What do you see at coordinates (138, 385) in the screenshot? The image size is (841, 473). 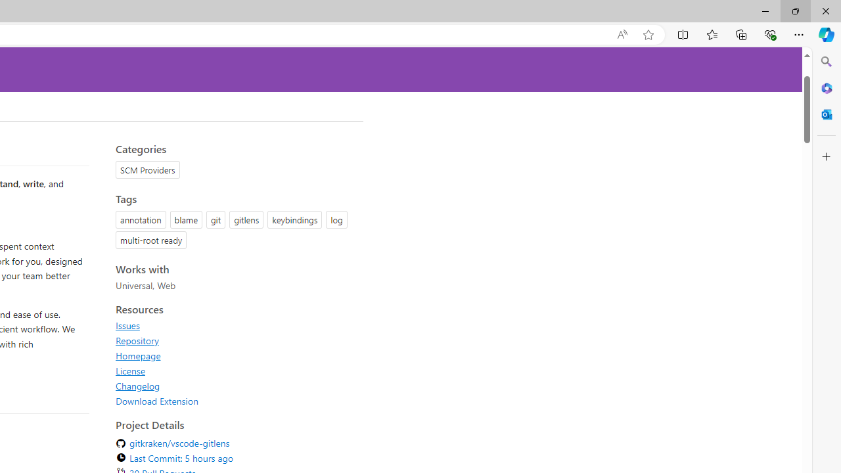 I see `'Changelog'` at bounding box center [138, 385].